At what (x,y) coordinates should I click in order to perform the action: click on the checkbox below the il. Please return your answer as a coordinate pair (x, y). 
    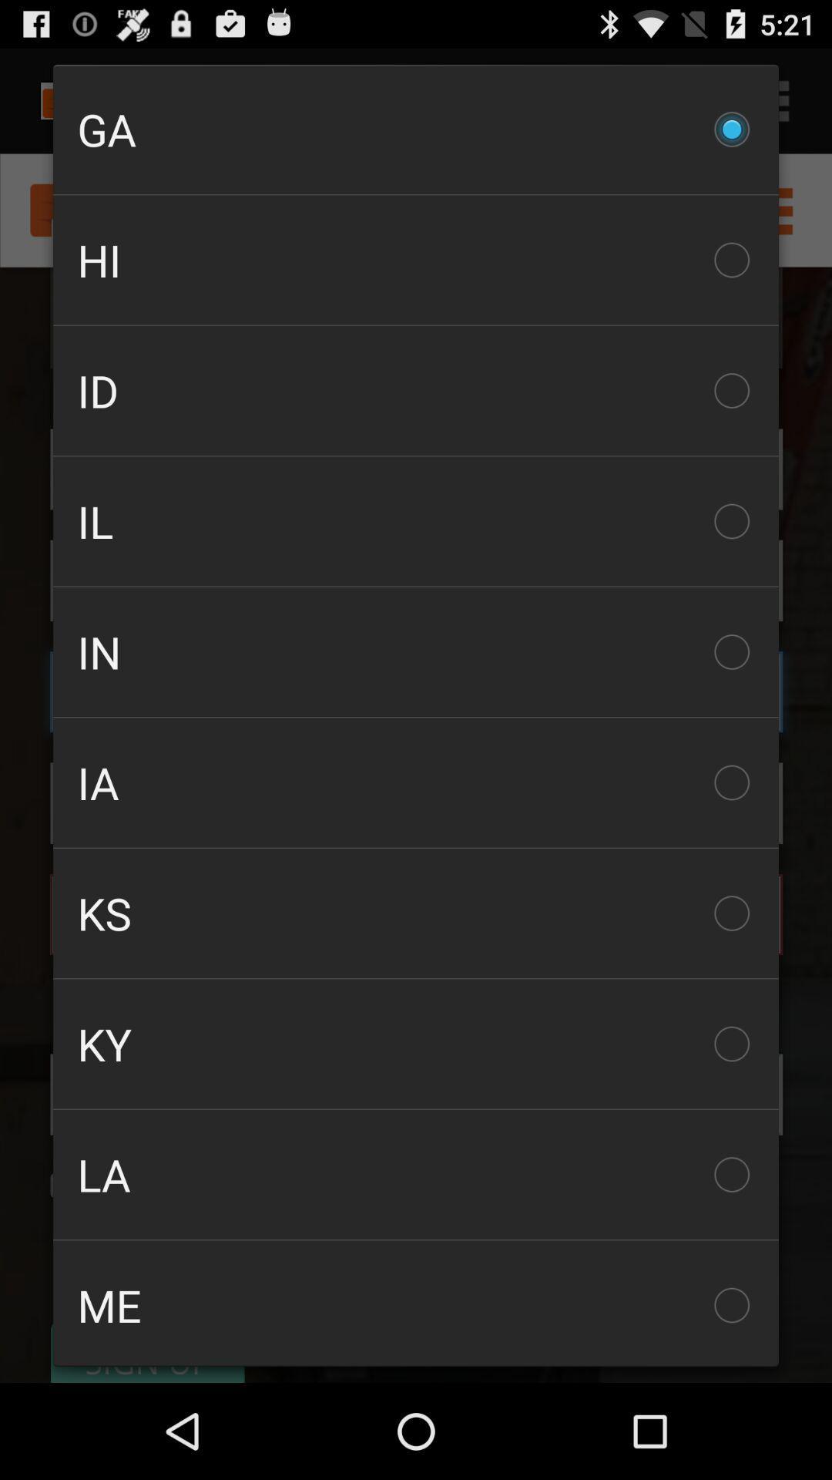
    Looking at the image, I should click on (416, 651).